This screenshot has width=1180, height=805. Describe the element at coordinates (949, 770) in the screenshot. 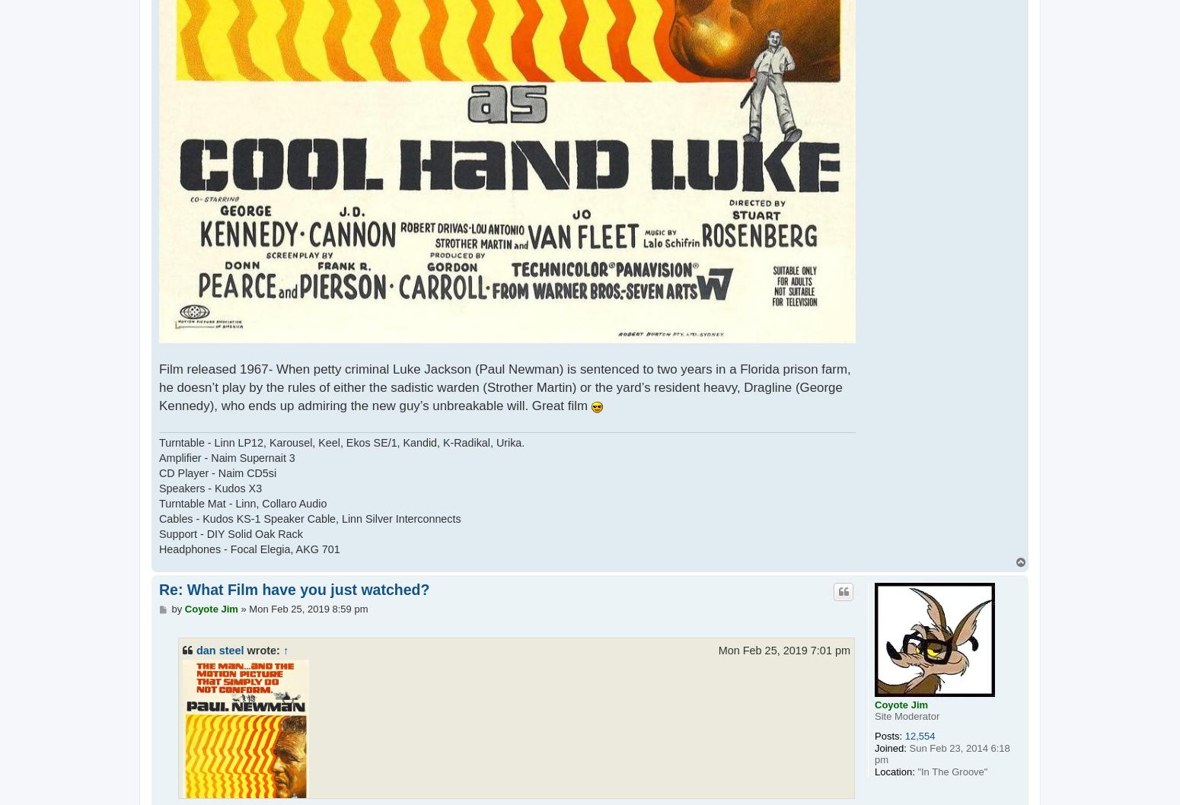

I see `'"In The Groove"'` at that location.